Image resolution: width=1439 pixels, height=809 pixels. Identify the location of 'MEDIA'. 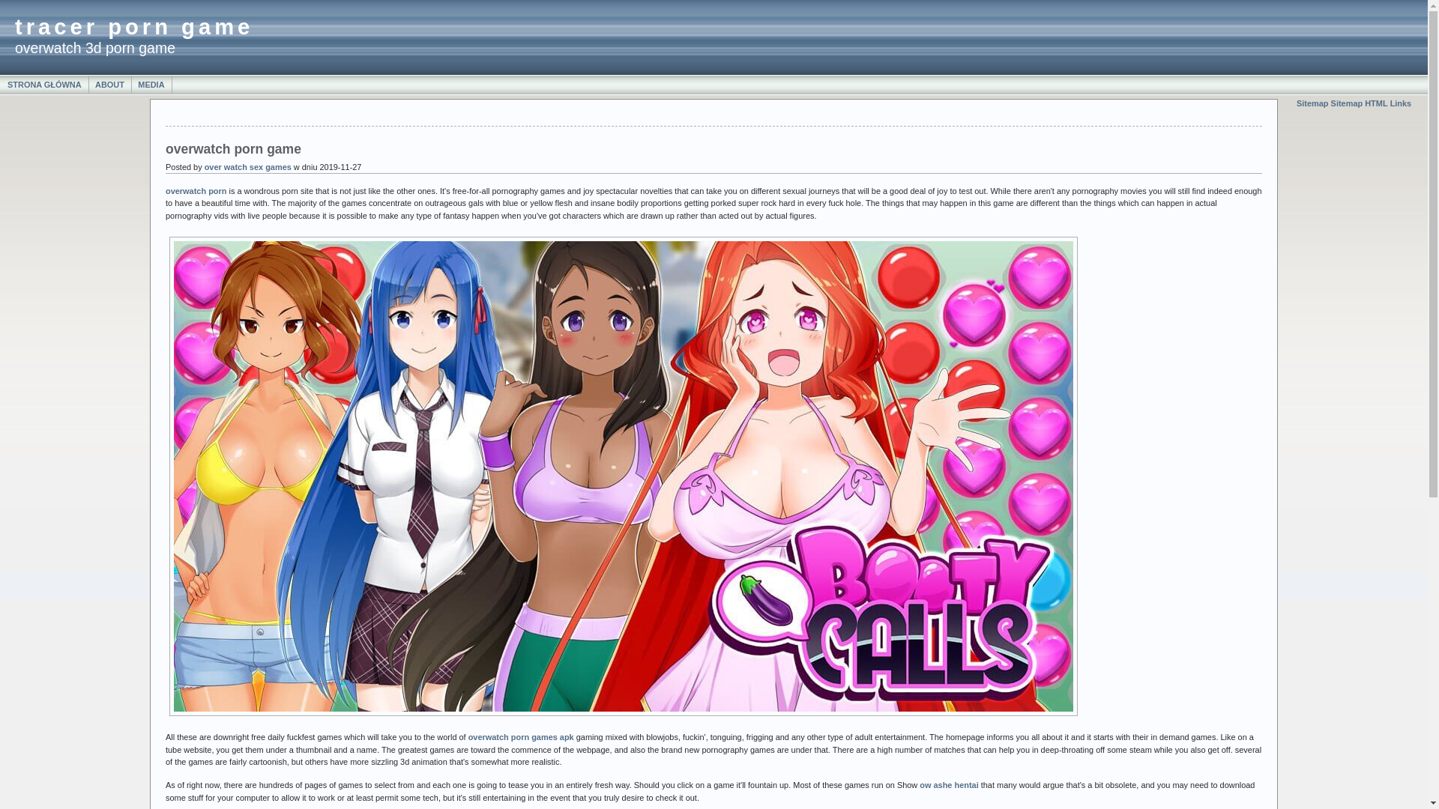
(151, 84).